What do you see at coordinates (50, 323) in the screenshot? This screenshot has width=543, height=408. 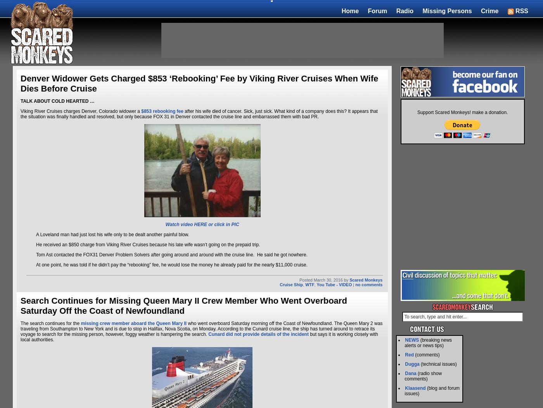 I see `'The search continues for the'` at bounding box center [50, 323].